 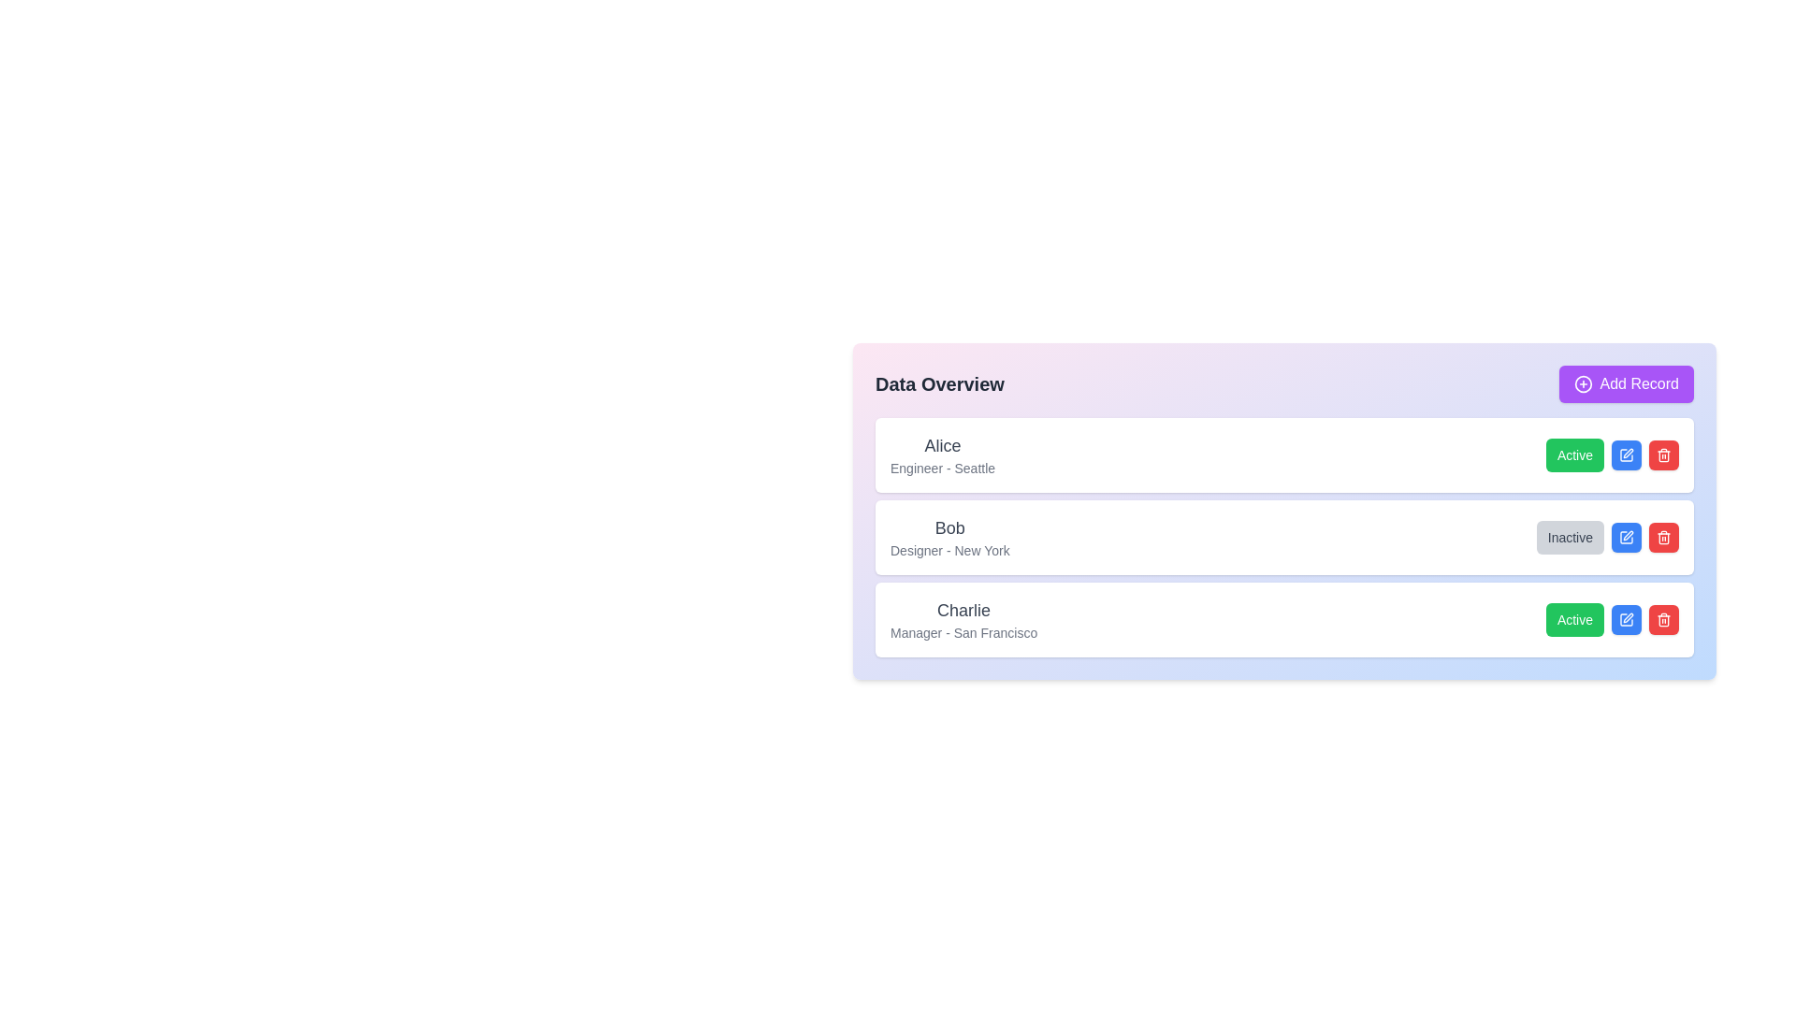 I want to click on the text display element showing 'Charlie' with the description 'Manager - San Francisco', located in the third card of the vertical list, so click(x=963, y=620).